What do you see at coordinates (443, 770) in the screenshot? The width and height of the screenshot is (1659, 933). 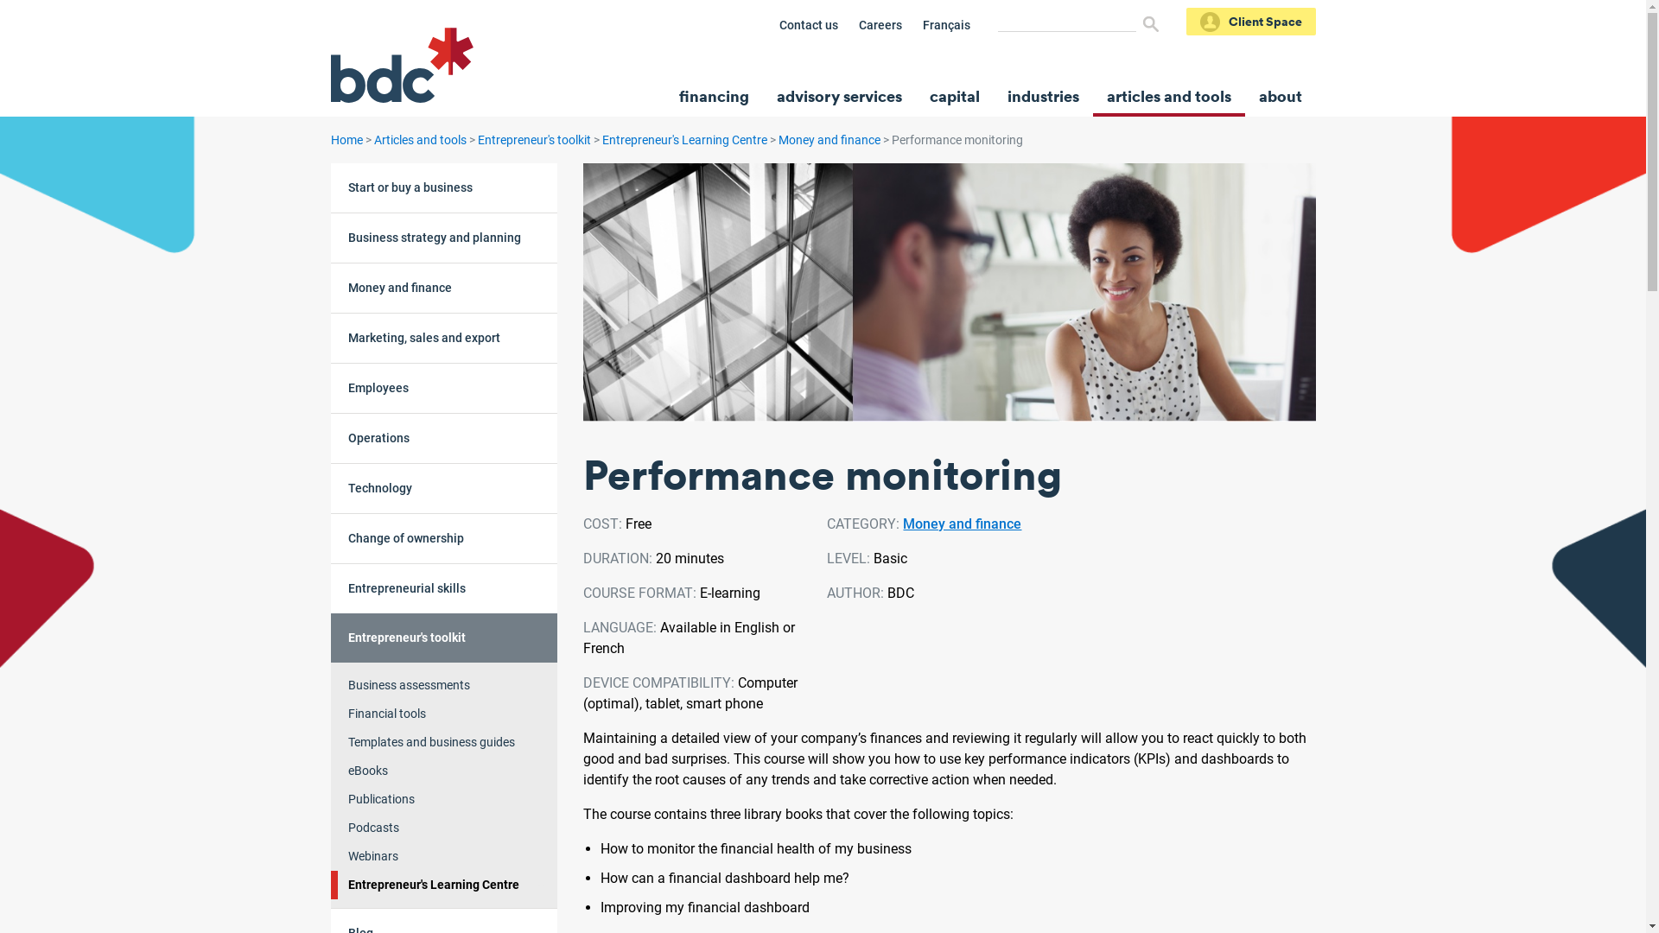 I see `'eBooks'` at bounding box center [443, 770].